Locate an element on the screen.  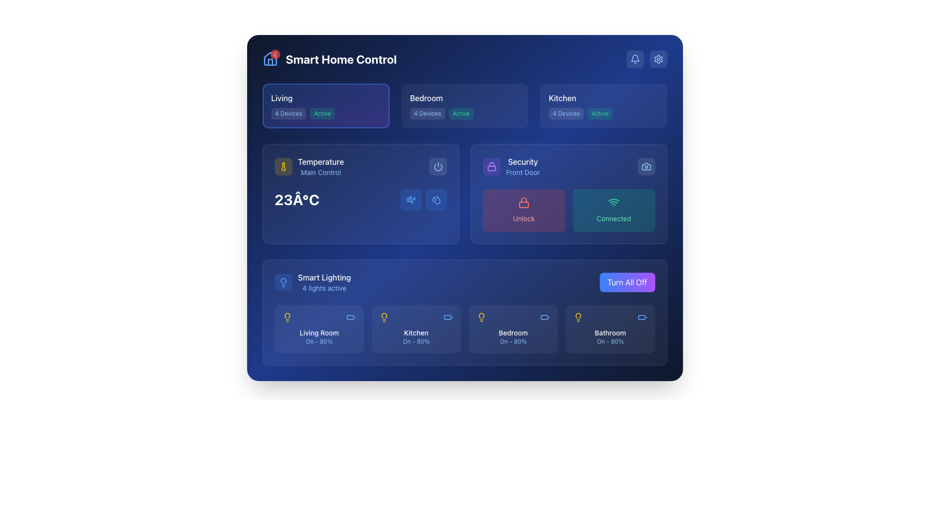
the text label that reads 'Kitchen', which is styled in a medium-sized, white, sans-serif font under the 'Smart Lighting' section, specifically positioned second from the left among similar elements is located at coordinates (416, 332).